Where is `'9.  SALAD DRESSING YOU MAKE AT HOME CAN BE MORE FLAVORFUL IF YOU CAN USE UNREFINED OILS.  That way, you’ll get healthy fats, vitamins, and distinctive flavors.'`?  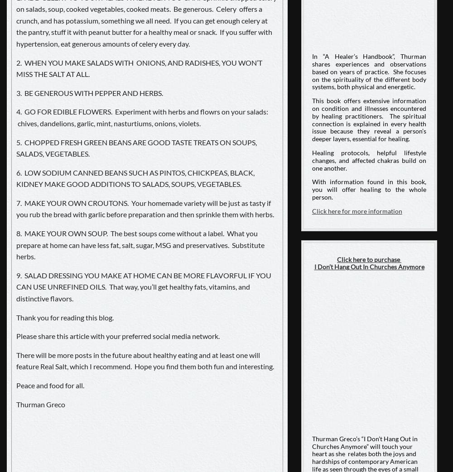 '9.  SALAD DRESSING YOU MAKE AT HOME CAN BE MORE FLAVORFUL IF YOU CAN USE UNREFINED OILS.  That way, you’ll get healthy fats, vitamins, and distinctive flavors.' is located at coordinates (143, 286).